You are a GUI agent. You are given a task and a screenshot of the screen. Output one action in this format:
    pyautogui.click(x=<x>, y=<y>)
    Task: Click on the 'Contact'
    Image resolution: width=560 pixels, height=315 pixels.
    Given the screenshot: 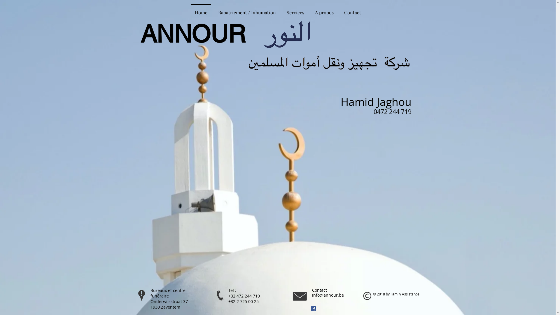 What is the action you would take?
    pyautogui.click(x=352, y=10)
    